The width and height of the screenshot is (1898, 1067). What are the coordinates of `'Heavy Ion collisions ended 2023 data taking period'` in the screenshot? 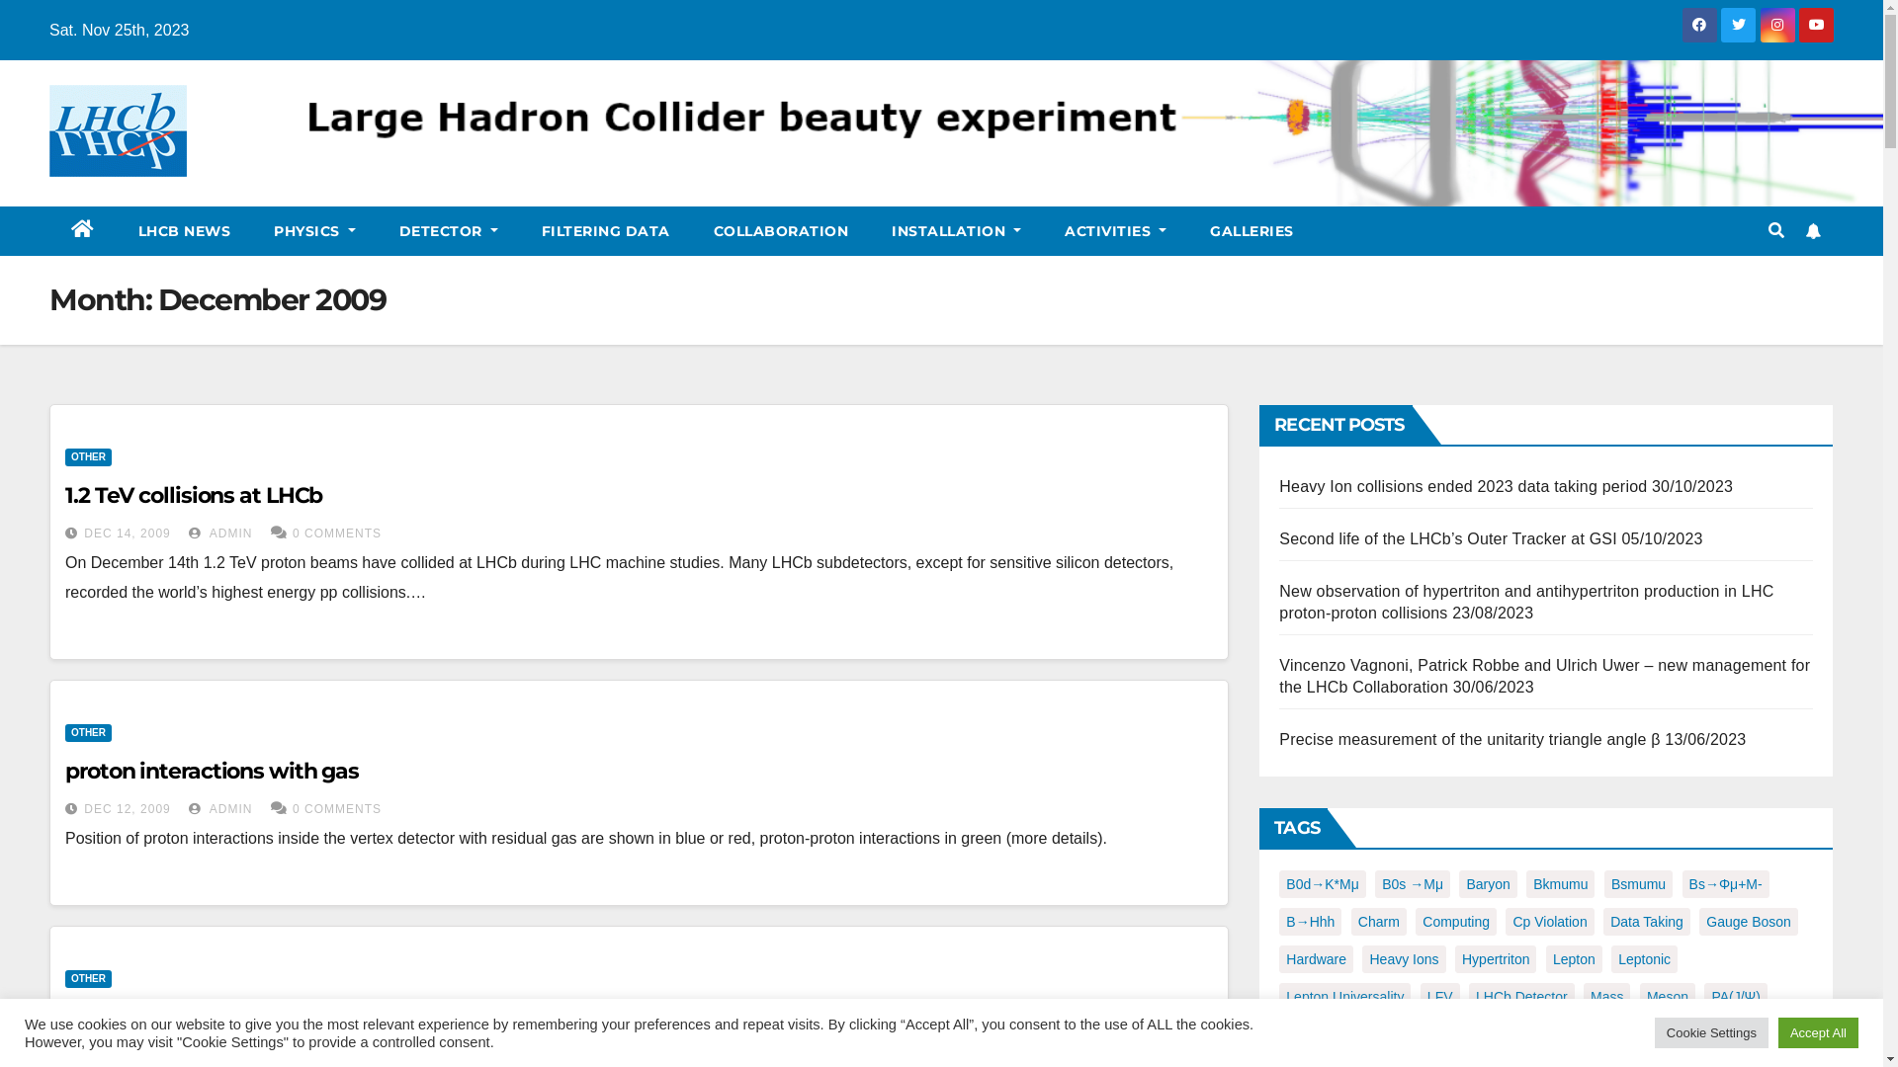 It's located at (1462, 486).